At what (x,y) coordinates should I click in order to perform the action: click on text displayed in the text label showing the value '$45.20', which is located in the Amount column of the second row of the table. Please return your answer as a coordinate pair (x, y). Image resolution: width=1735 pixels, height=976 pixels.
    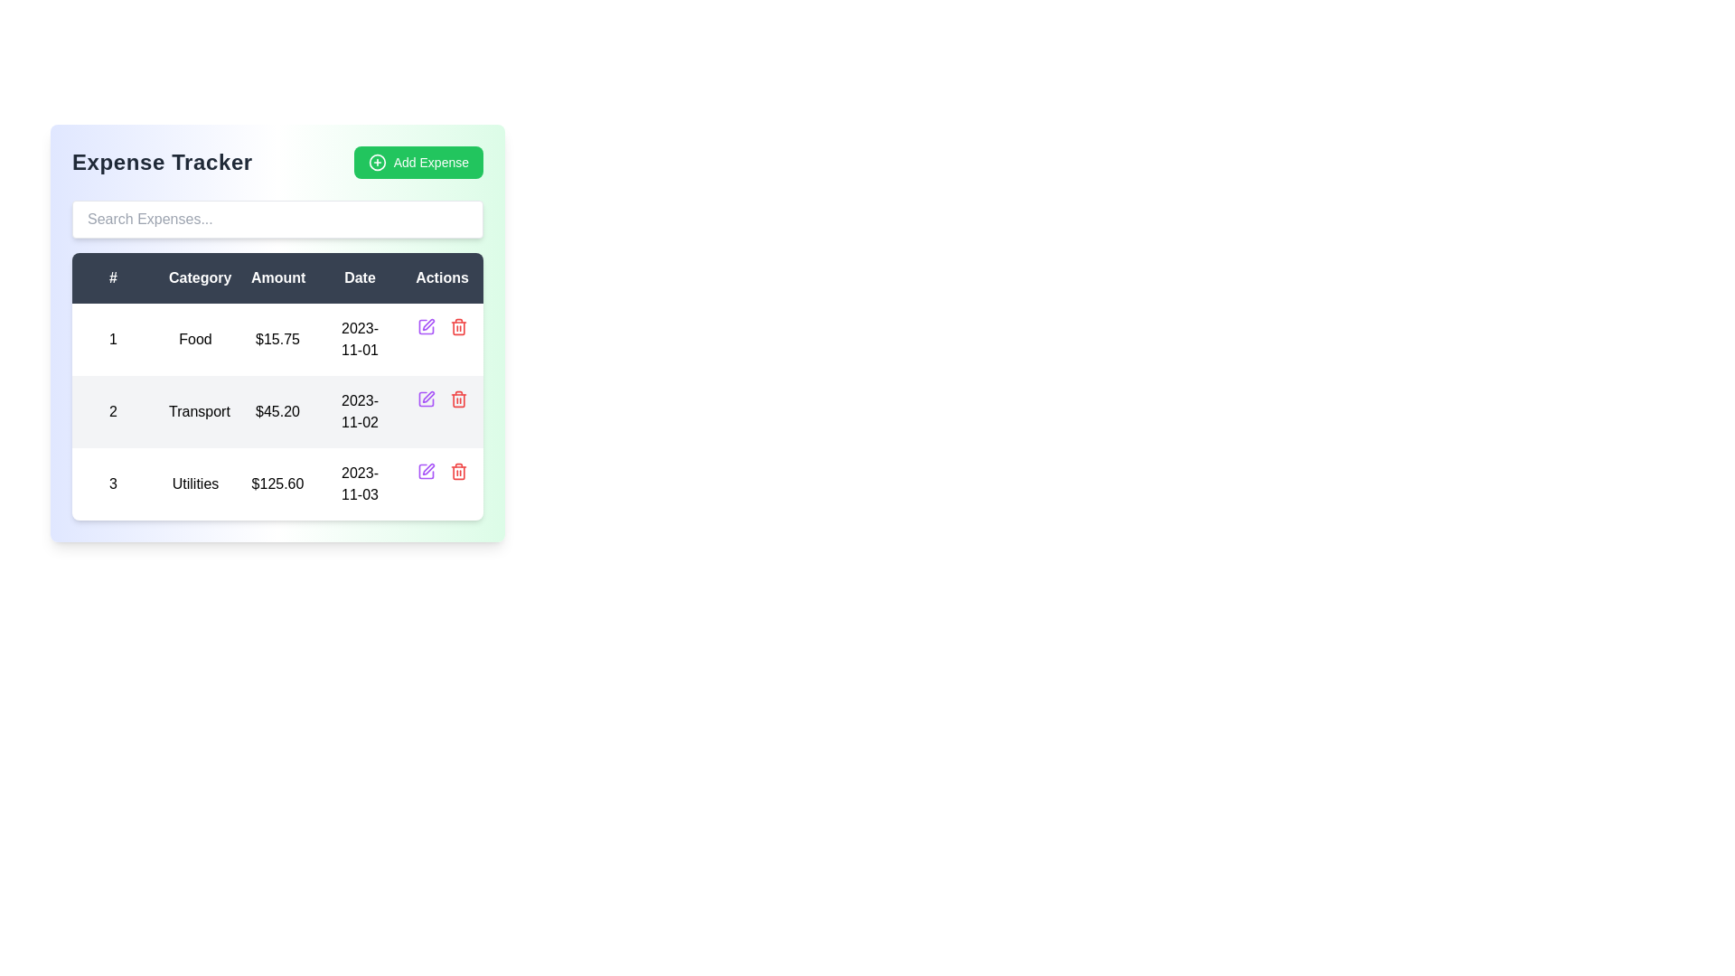
    Looking at the image, I should click on (277, 411).